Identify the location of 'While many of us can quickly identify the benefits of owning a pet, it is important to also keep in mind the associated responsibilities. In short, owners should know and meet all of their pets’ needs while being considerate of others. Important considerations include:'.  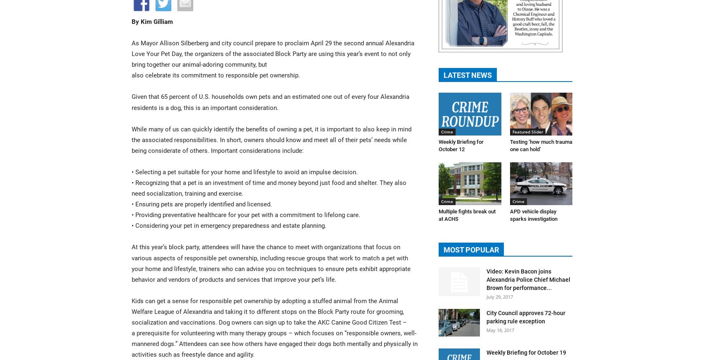
(132, 139).